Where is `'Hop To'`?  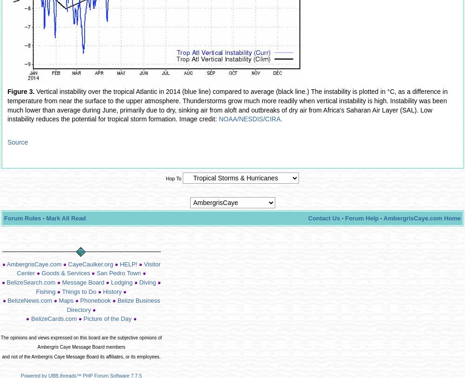
'Hop To' is located at coordinates (173, 178).